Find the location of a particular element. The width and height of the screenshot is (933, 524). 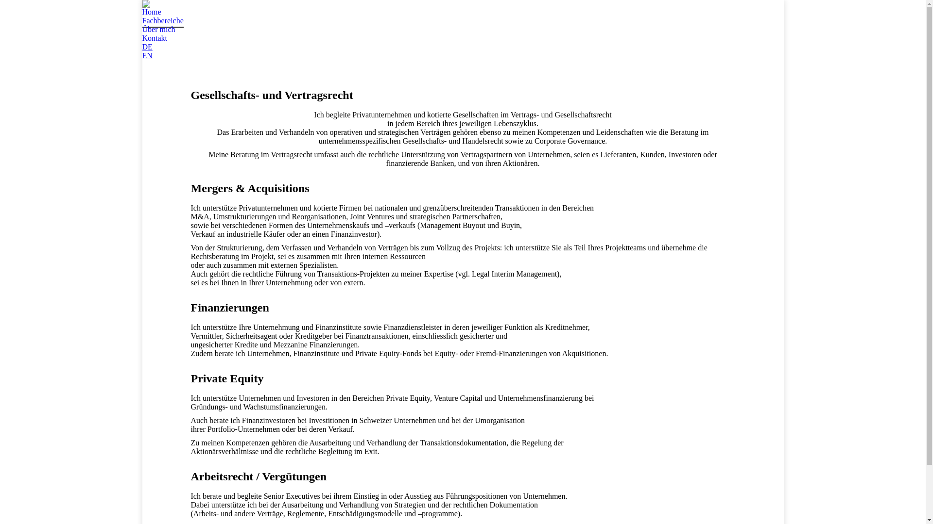

'Kontakt' is located at coordinates (154, 37).